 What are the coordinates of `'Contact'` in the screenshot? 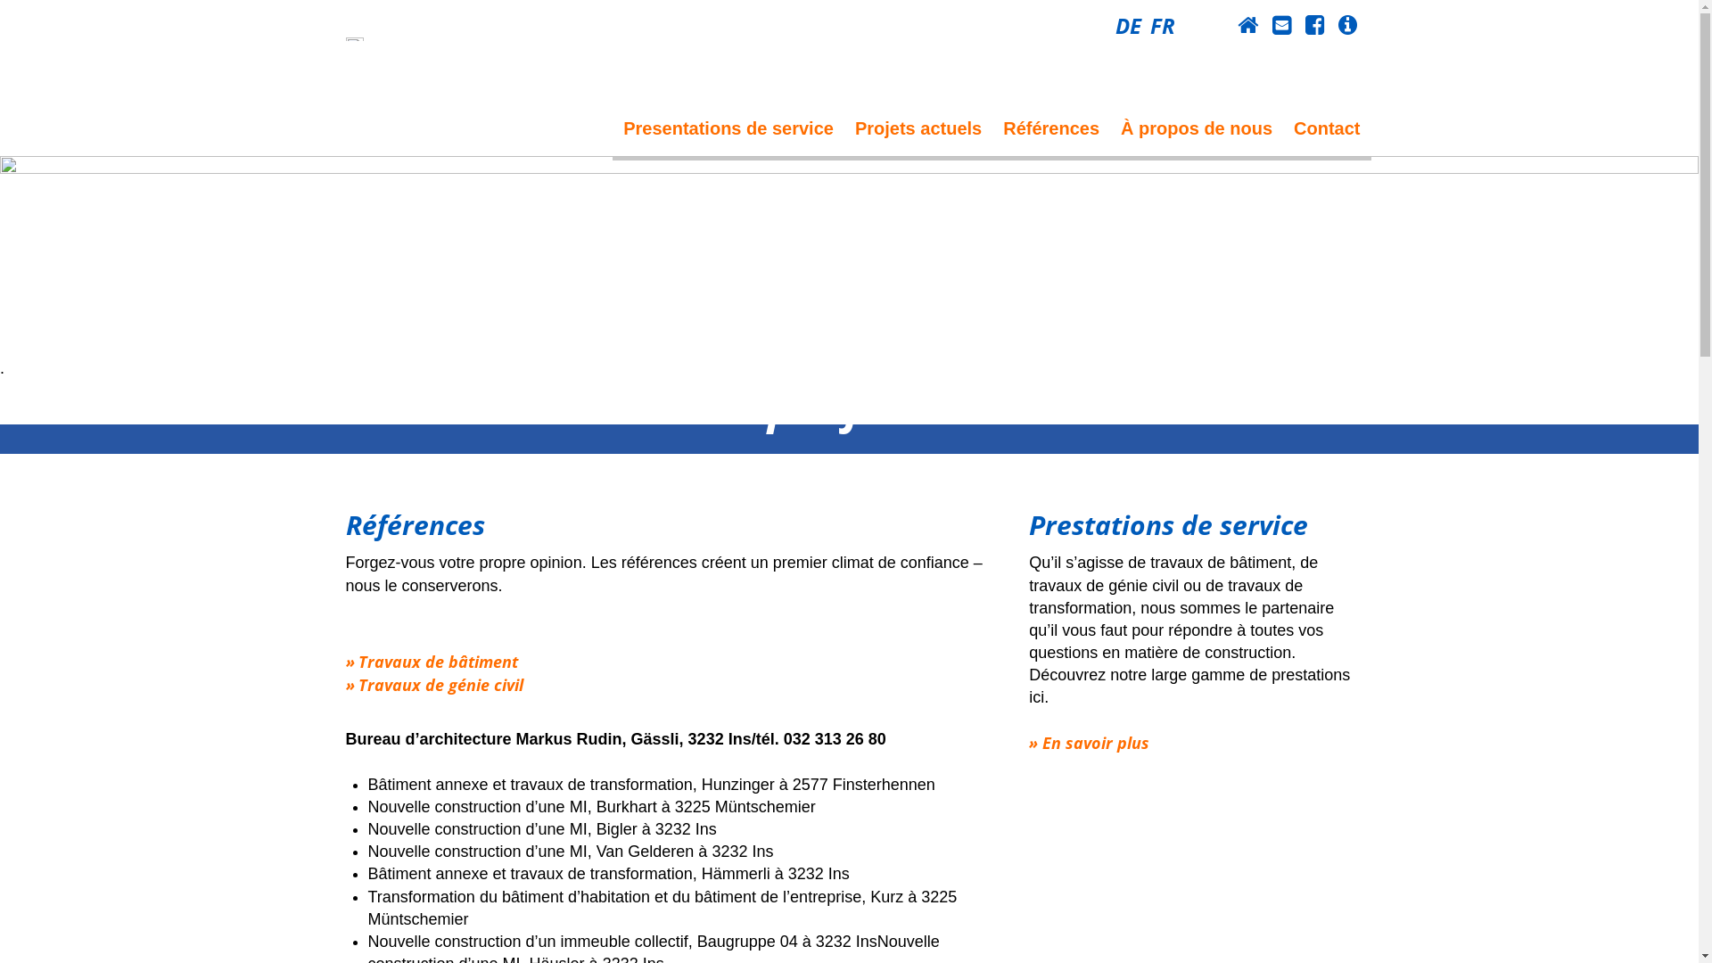 It's located at (1263, 24).